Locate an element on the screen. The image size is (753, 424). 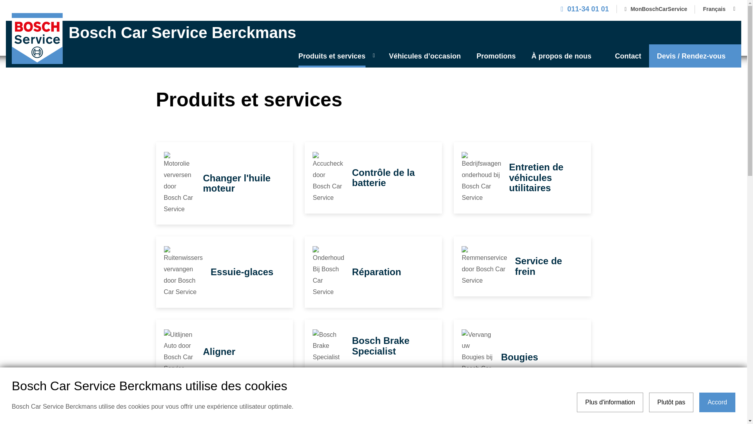
'Promotions' is located at coordinates (469, 55).